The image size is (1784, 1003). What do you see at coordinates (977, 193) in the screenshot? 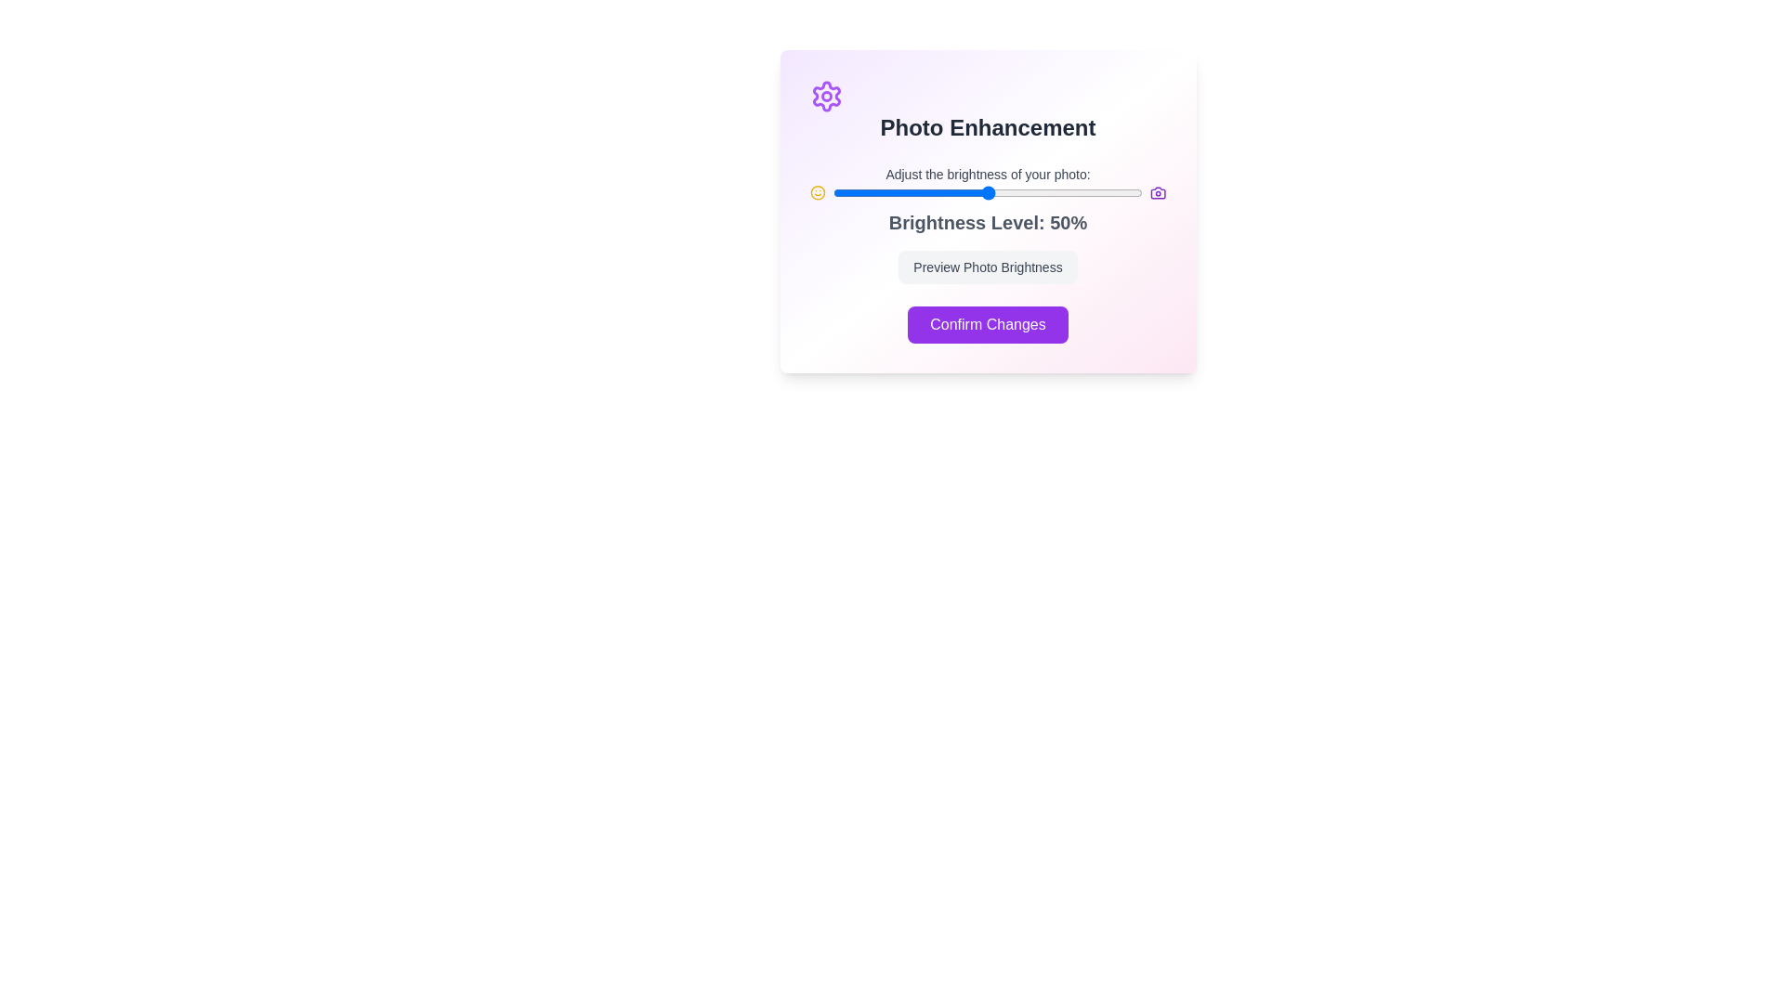
I see `the brightness level to 47% by adjusting the slider` at bounding box center [977, 193].